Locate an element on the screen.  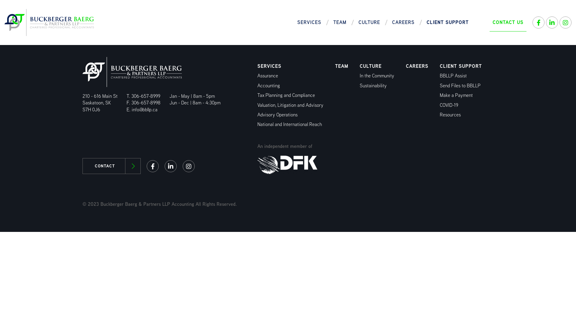
'CULTURE' is located at coordinates (370, 66).